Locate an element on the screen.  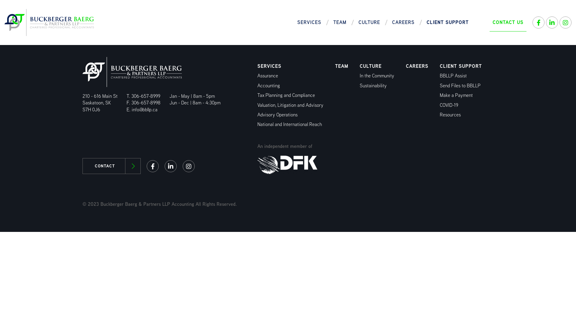
'CULTURE' is located at coordinates (370, 66).